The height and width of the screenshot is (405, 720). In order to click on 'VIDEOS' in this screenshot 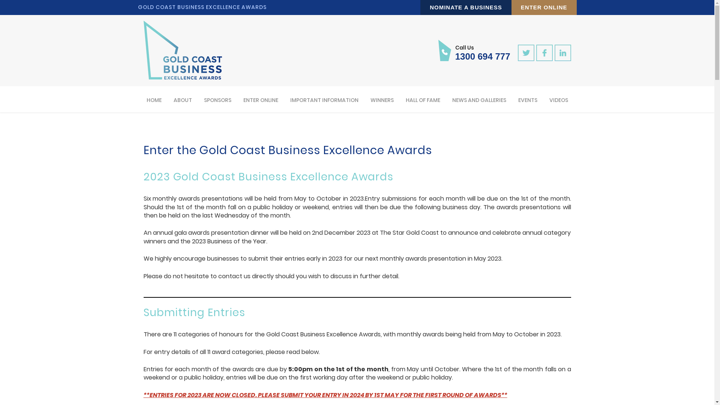, I will do `click(558, 99)`.